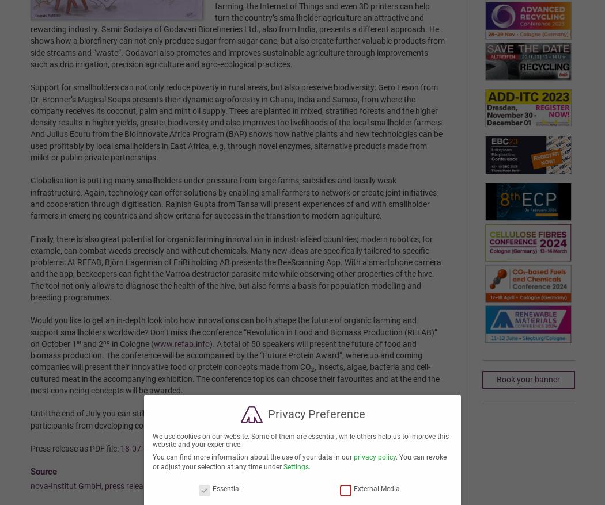 Image resolution: width=605 pixels, height=505 pixels. Describe the element at coordinates (114, 485) in the screenshot. I see `'nova-Institut GmbH, press release, 2018-07-02.'` at that location.